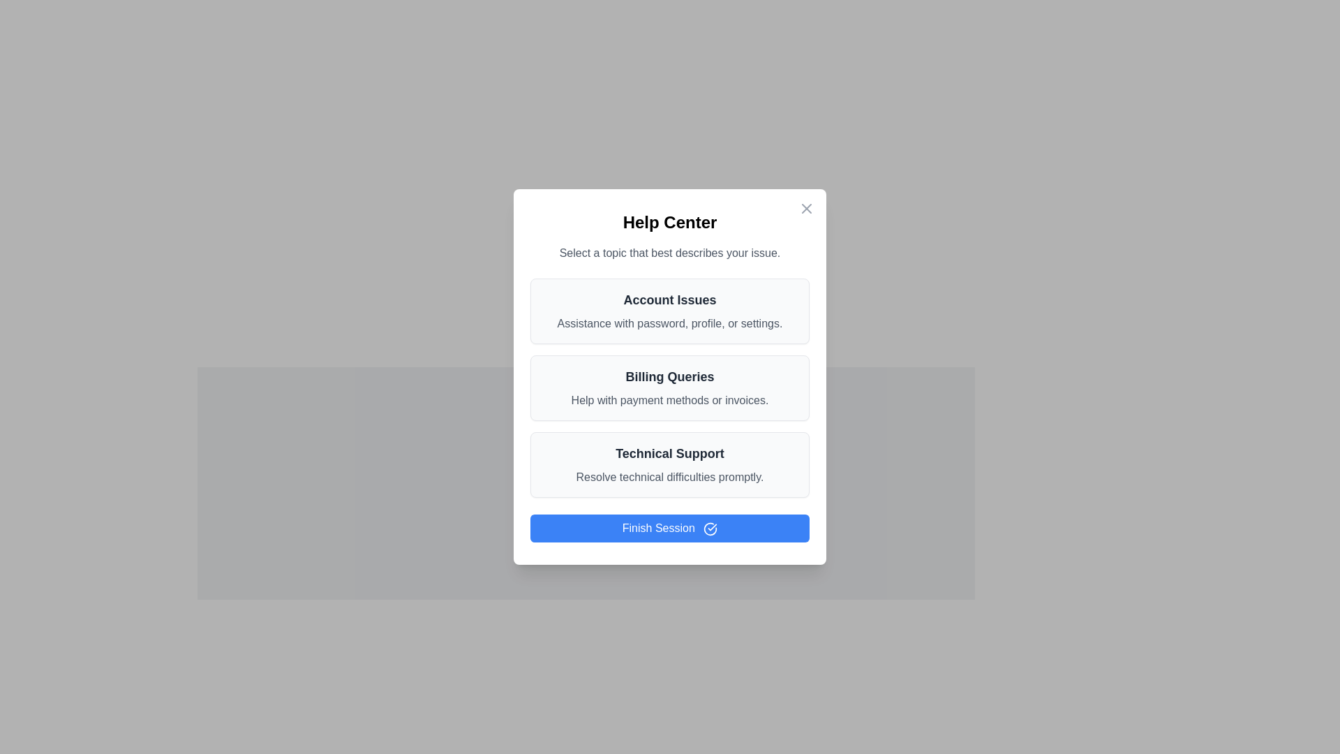 This screenshot has height=754, width=1340. I want to click on the 'Technical Support' option card, so click(670, 465).